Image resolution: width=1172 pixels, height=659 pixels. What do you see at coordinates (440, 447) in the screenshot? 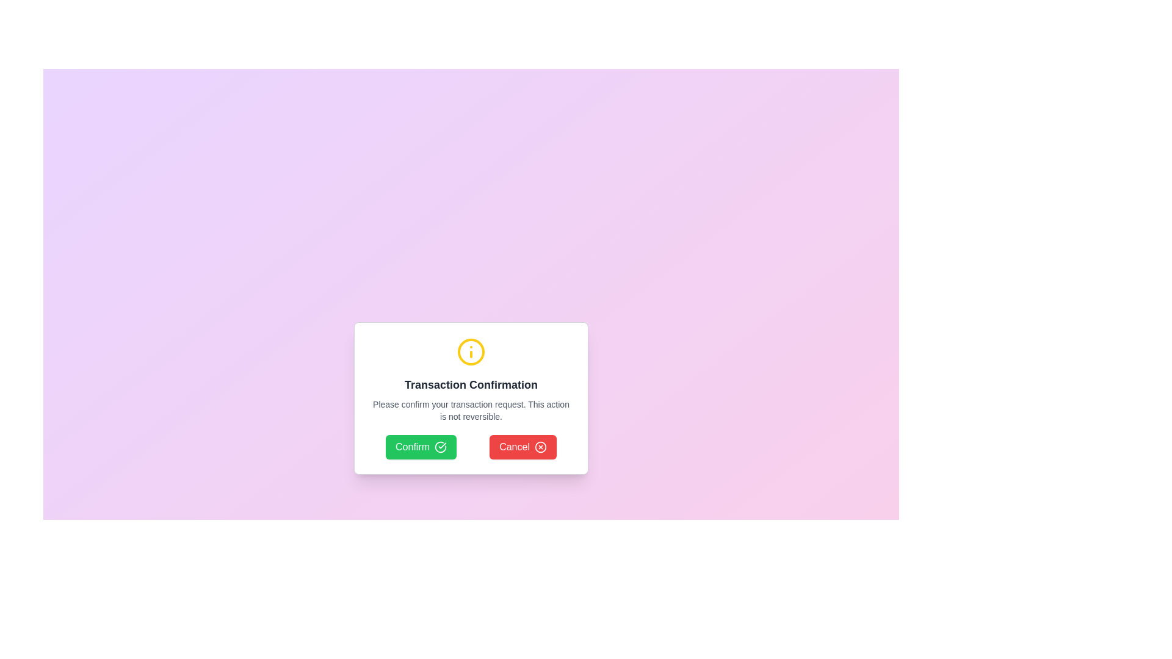
I see `the circular green check icon located to the right of the 'Confirm' text in the bottom-left section of the modal dialog` at bounding box center [440, 447].